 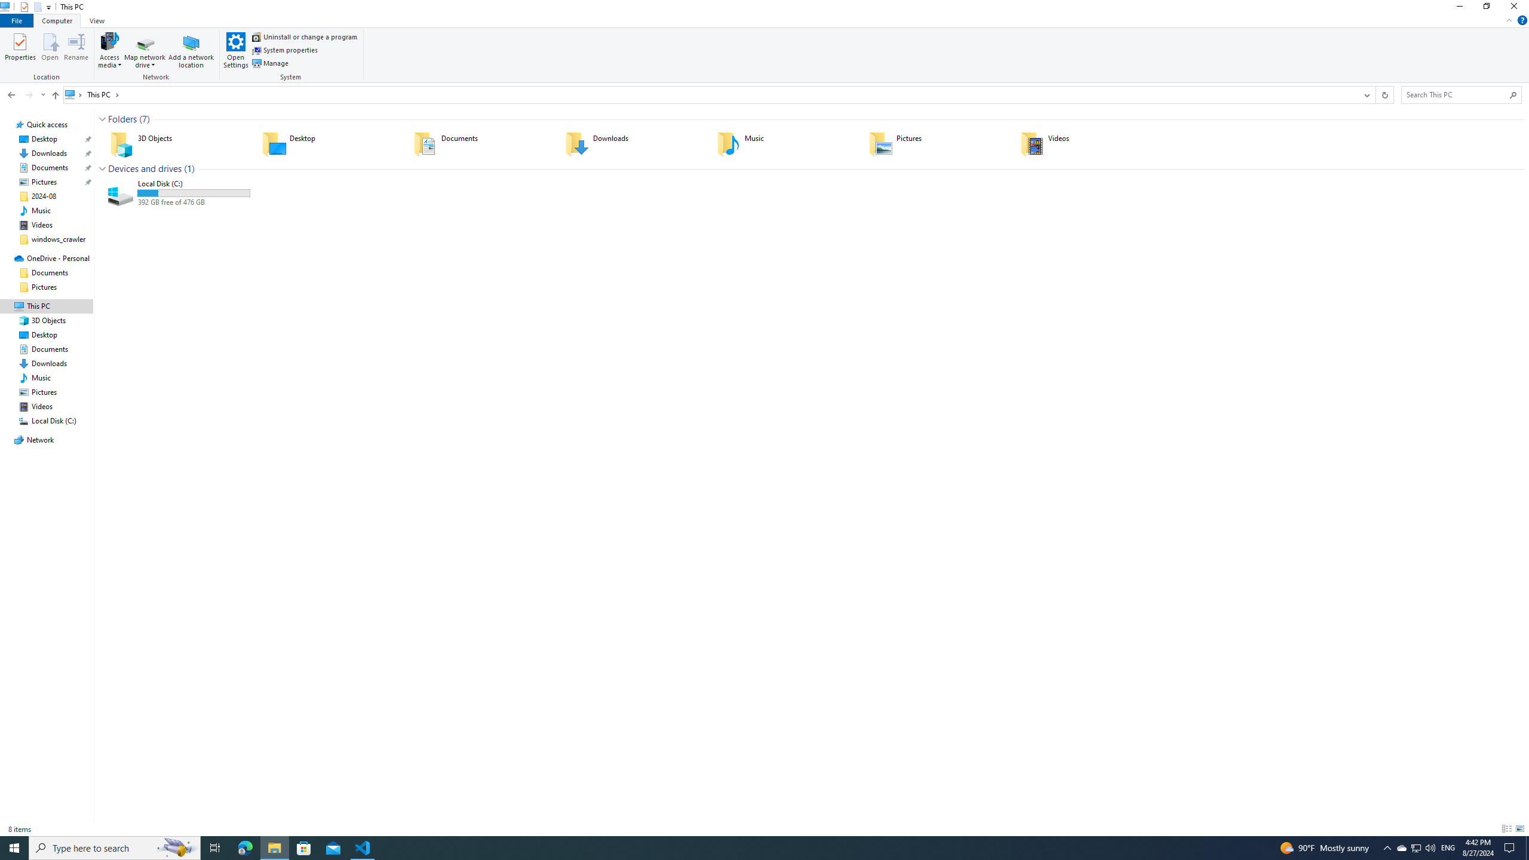 What do you see at coordinates (102, 168) in the screenshot?
I see `'Collapse Group'` at bounding box center [102, 168].